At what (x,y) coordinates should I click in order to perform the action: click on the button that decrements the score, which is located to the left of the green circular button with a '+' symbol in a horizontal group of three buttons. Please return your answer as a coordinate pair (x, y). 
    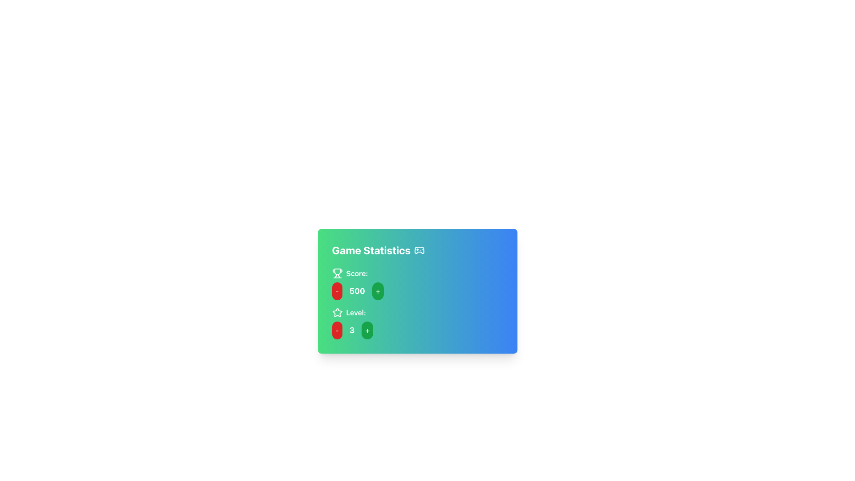
    Looking at the image, I should click on (337, 291).